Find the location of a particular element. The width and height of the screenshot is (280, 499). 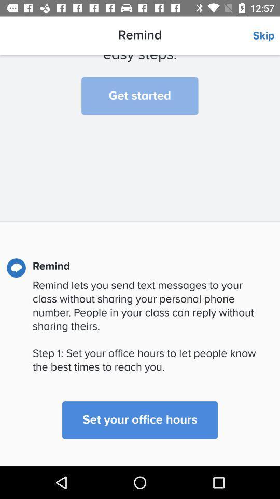

get started icon is located at coordinates (139, 96).